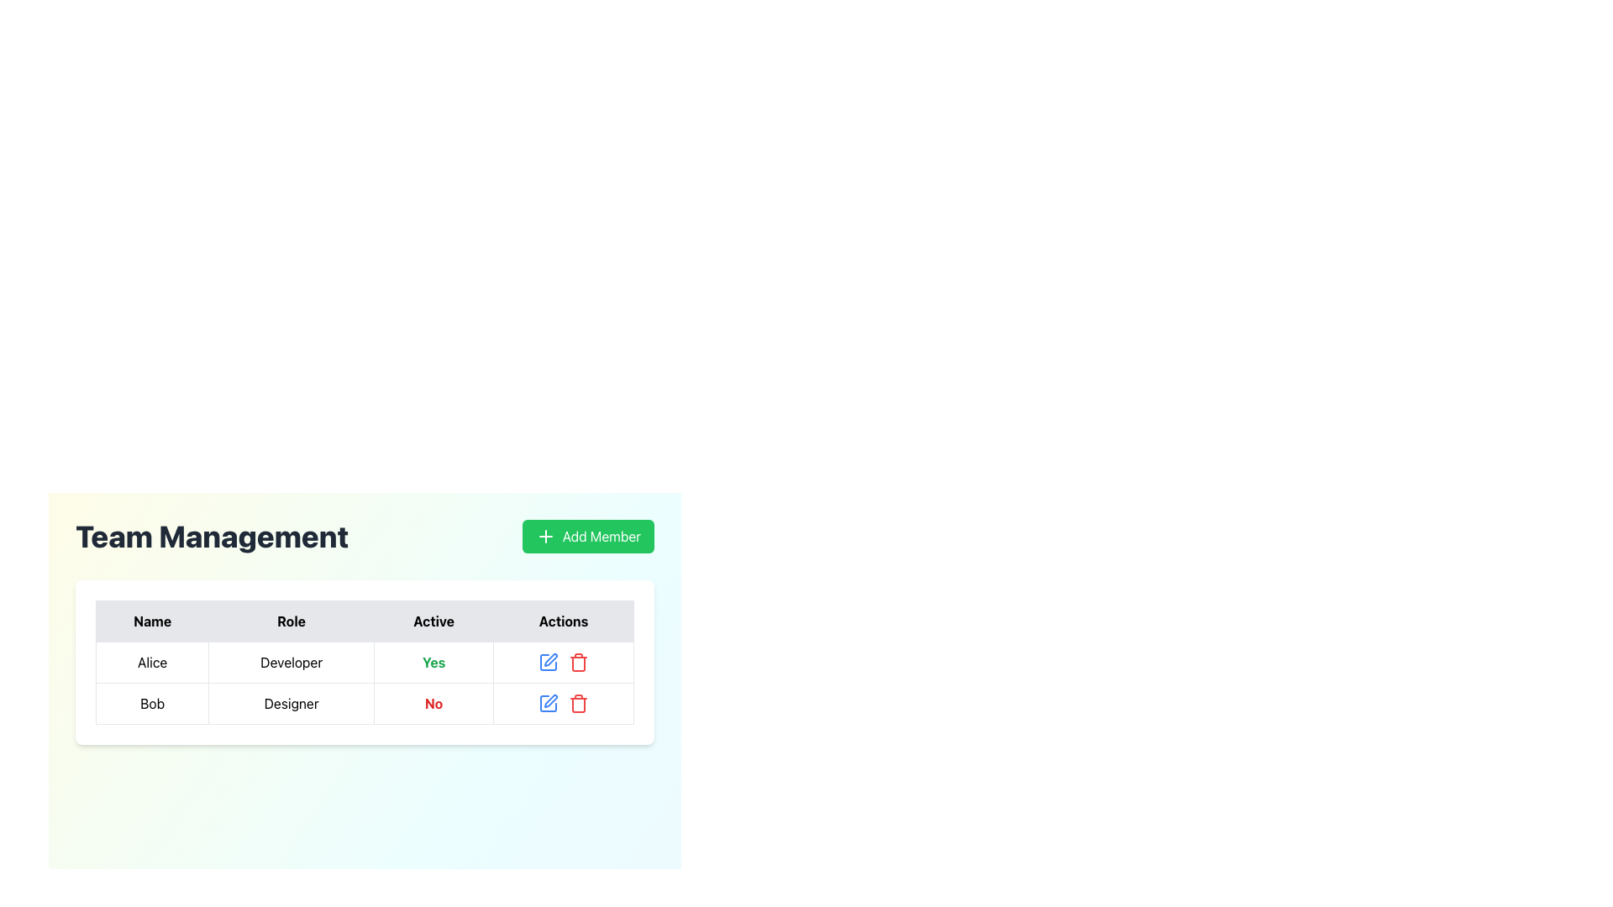 The width and height of the screenshot is (1613, 907). I want to click on on the red trash can icon button in the 'Actions' column of the table corresponding, so click(579, 662).